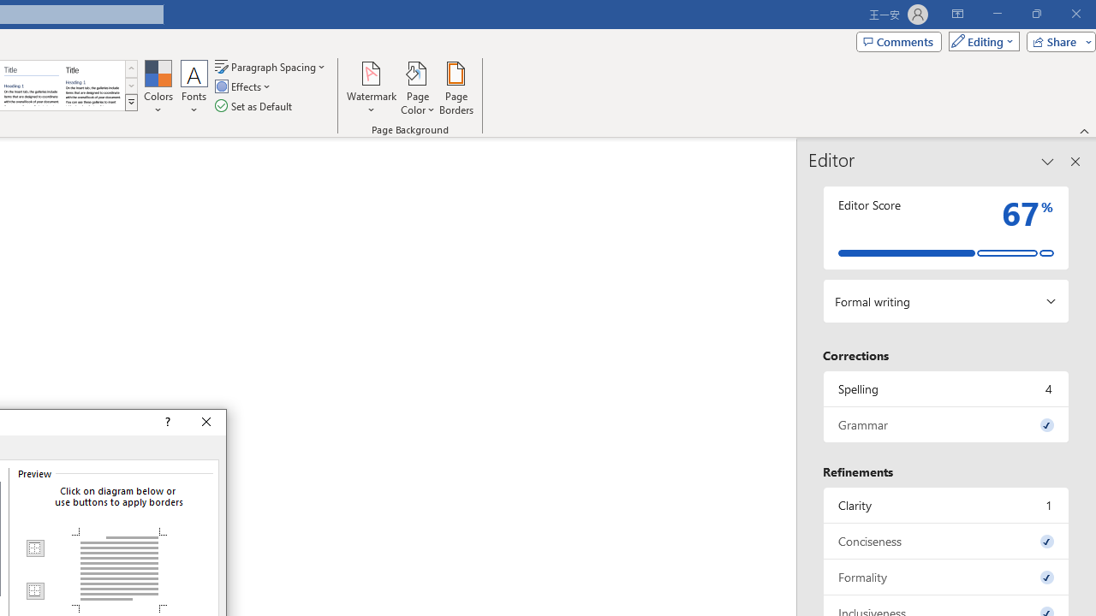 This screenshot has width=1096, height=616. I want to click on 'Colors', so click(158, 88).